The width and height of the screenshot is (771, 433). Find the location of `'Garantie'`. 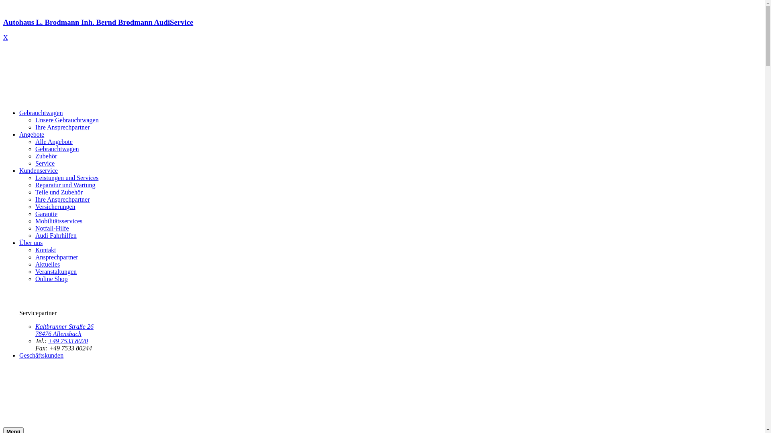

'Garantie' is located at coordinates (46, 213).